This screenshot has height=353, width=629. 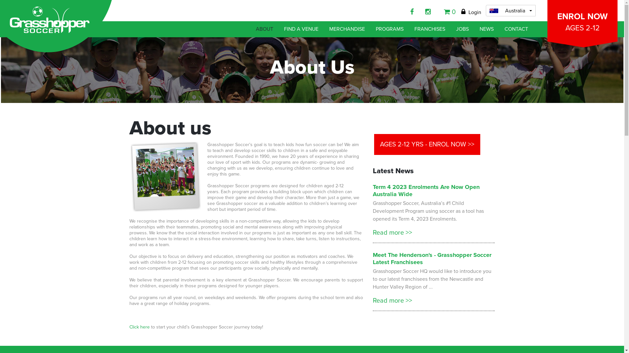 I want to click on 'Australia', so click(x=510, y=10).